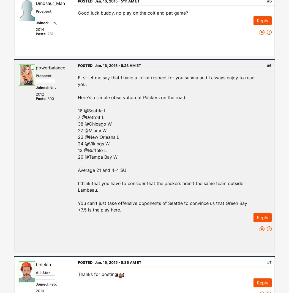  What do you see at coordinates (50, 3) in the screenshot?
I see `'Dinosaur_Man'` at bounding box center [50, 3].